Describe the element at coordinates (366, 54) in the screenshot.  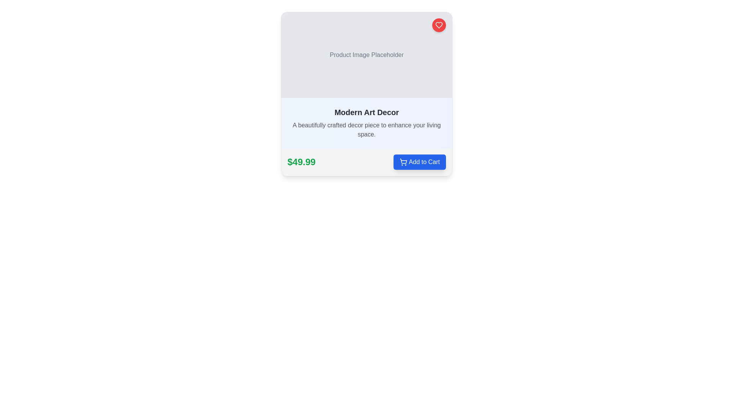
I see `the Static placeholder element that displays the text 'Product Image Placeholder' within a gray background, located at the top of the card-like structure` at that location.